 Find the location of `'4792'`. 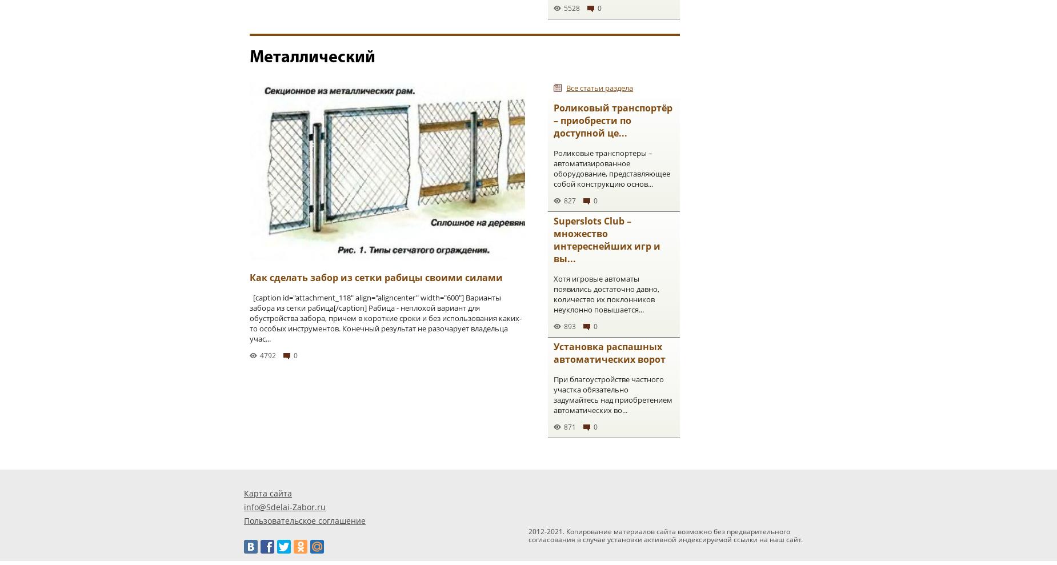

'4792' is located at coordinates (259, 355).